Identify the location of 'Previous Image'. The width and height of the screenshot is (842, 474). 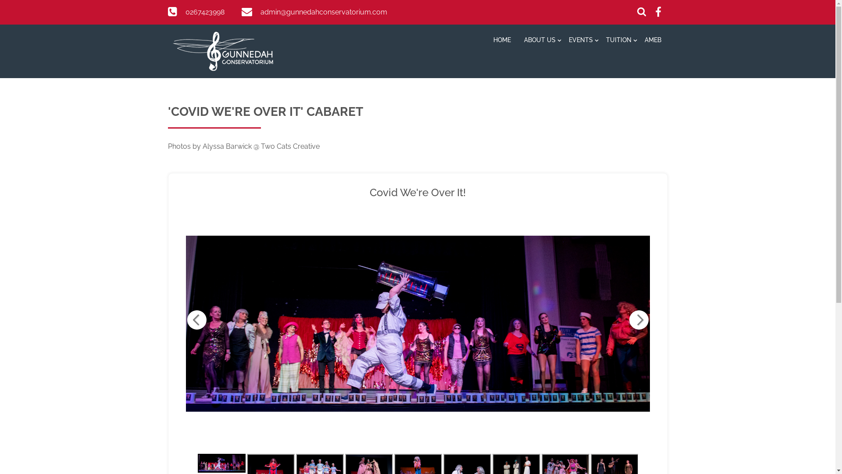
(196, 320).